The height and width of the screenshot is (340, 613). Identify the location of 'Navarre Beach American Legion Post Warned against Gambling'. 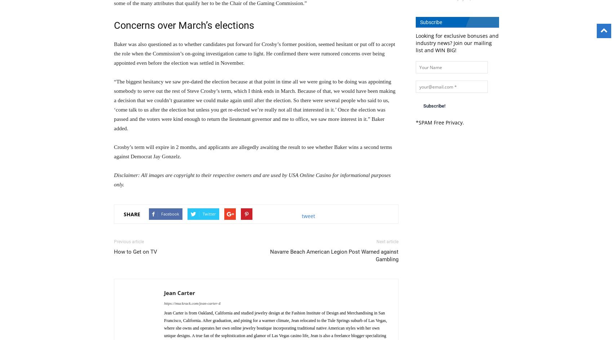
(334, 255).